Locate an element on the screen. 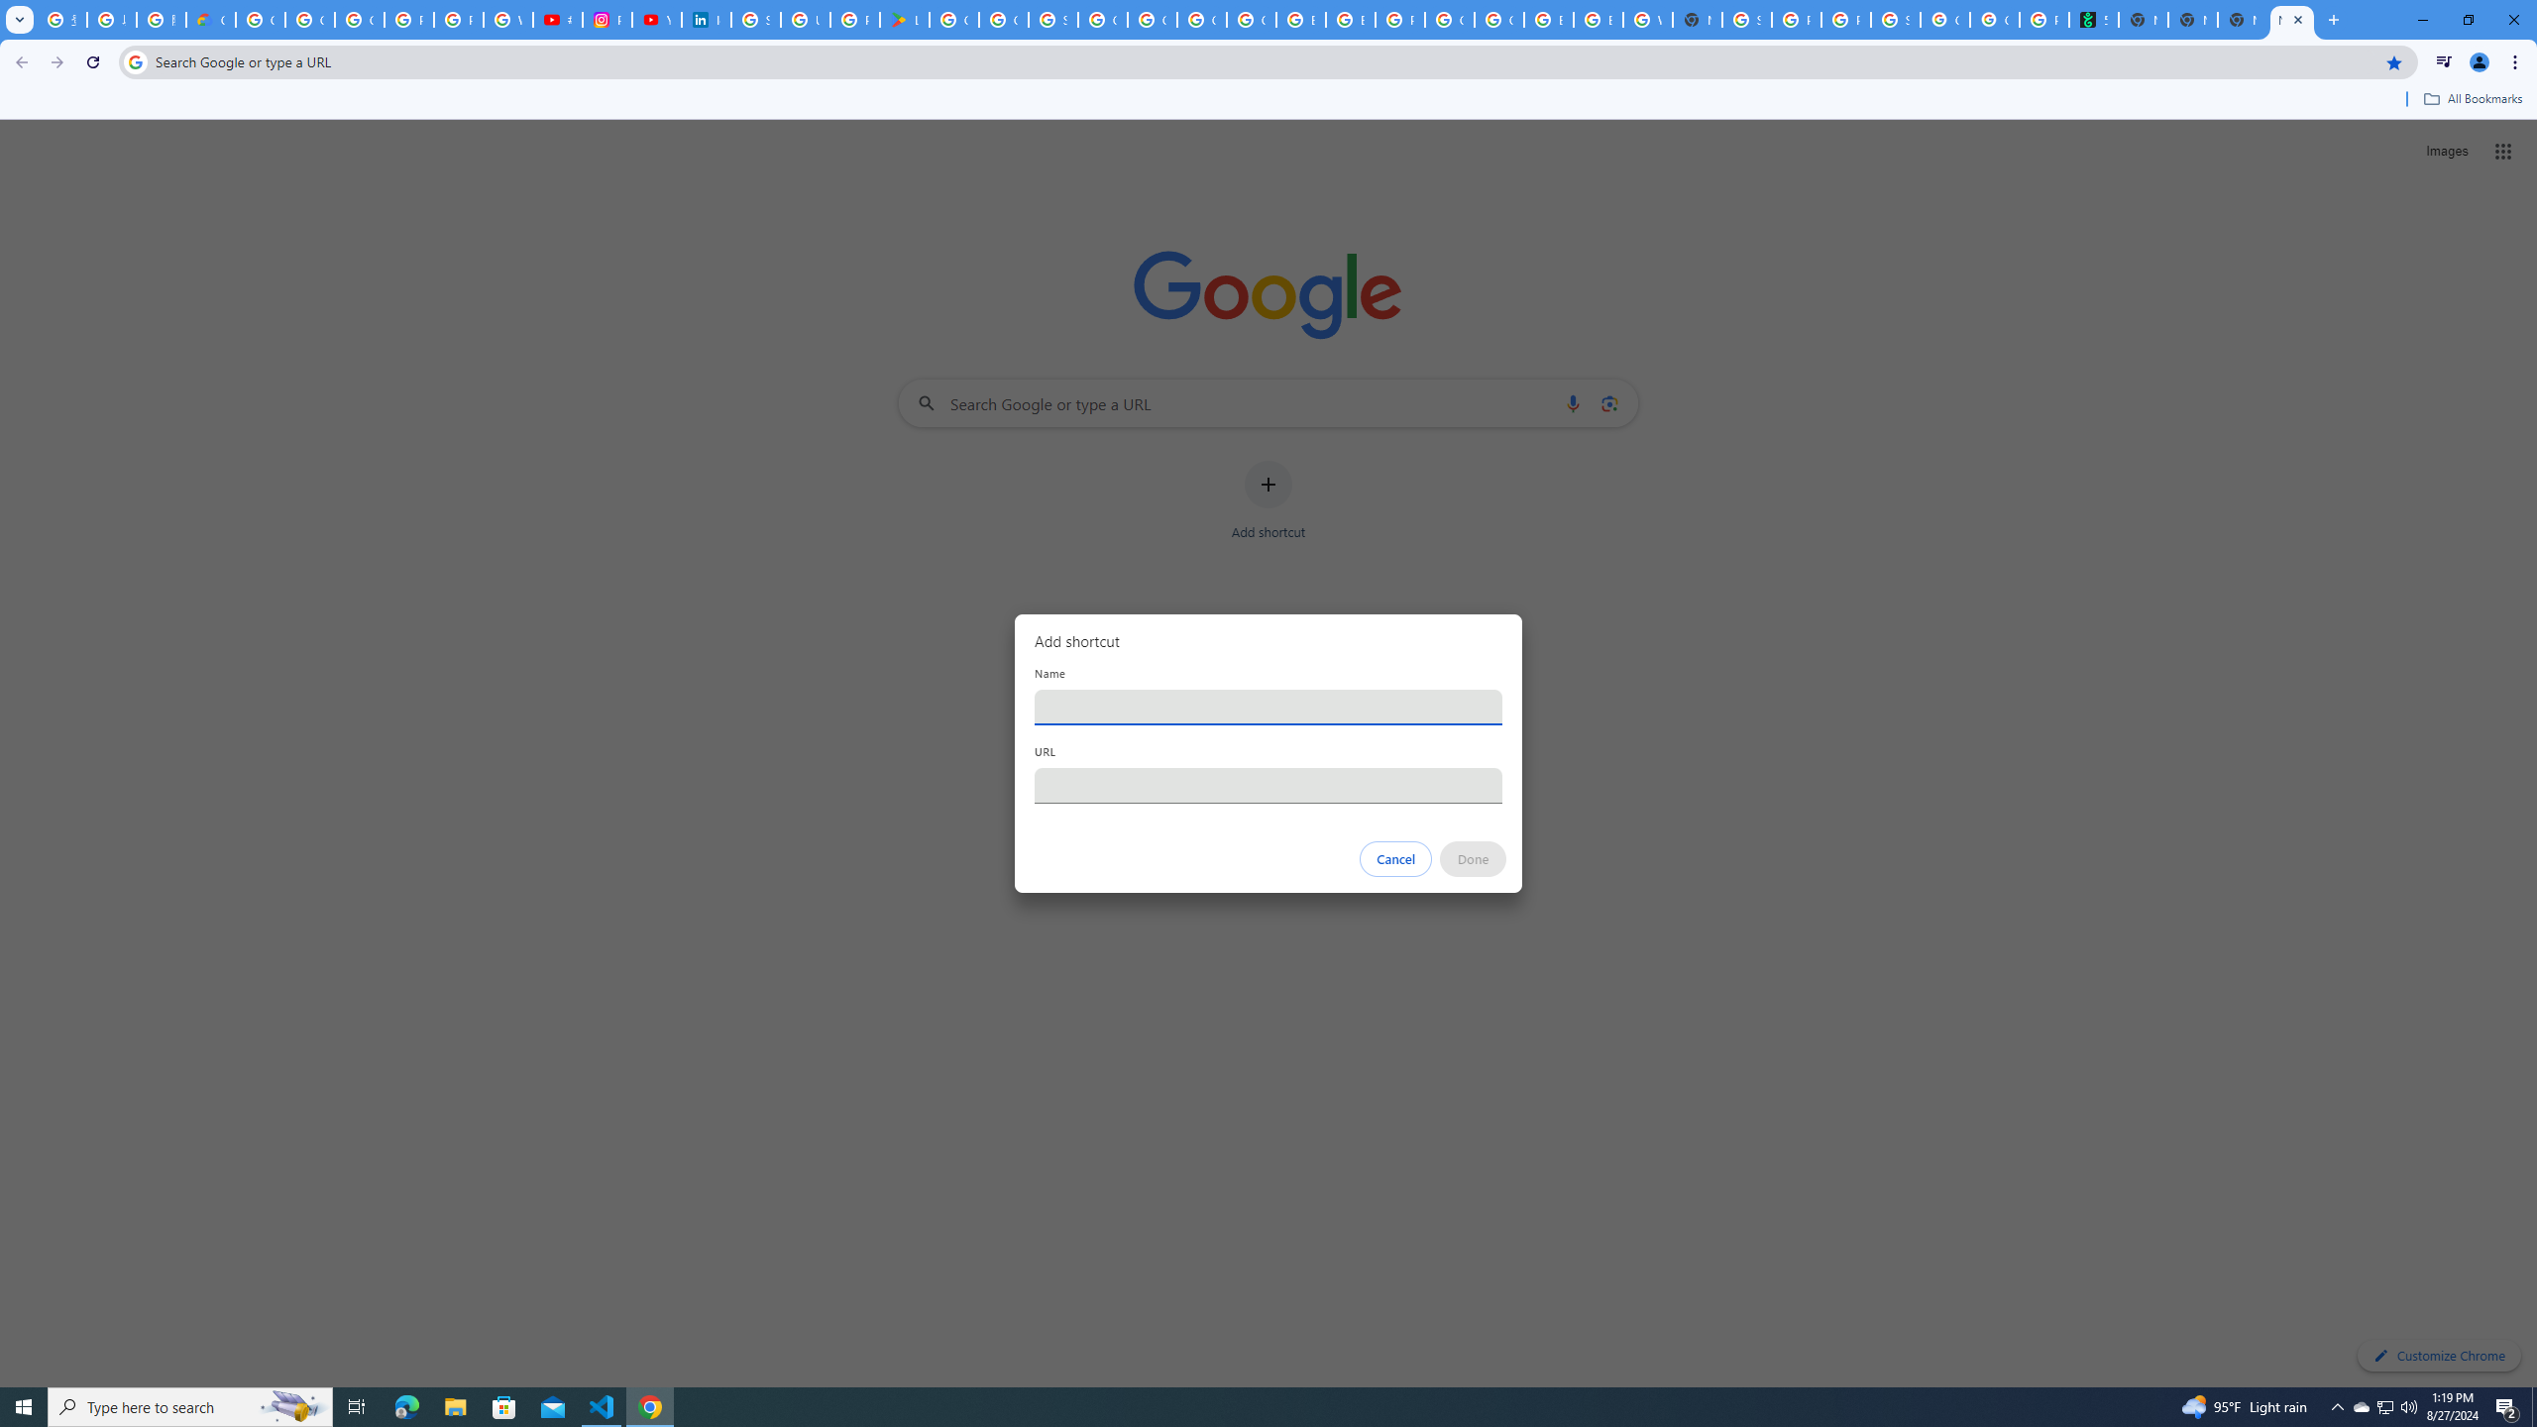 This screenshot has height=1427, width=2537. 'New Tab' is located at coordinates (2290, 19).